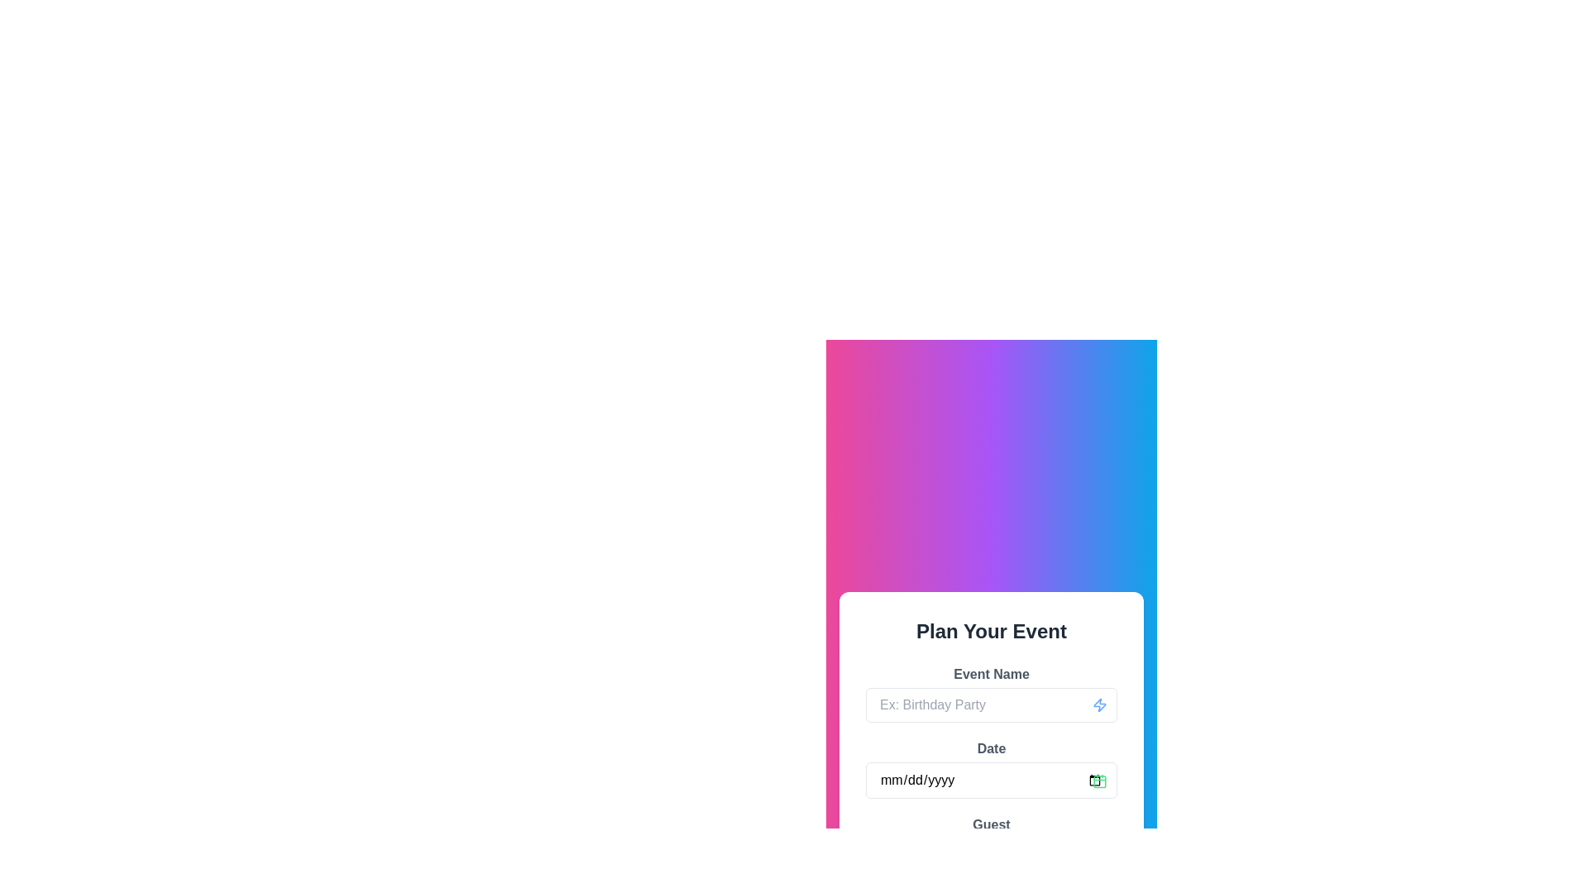 The height and width of the screenshot is (893, 1588). Describe the element at coordinates (1099, 781) in the screenshot. I see `the calendar icon located at the bottom-right corner of the date input field` at that location.